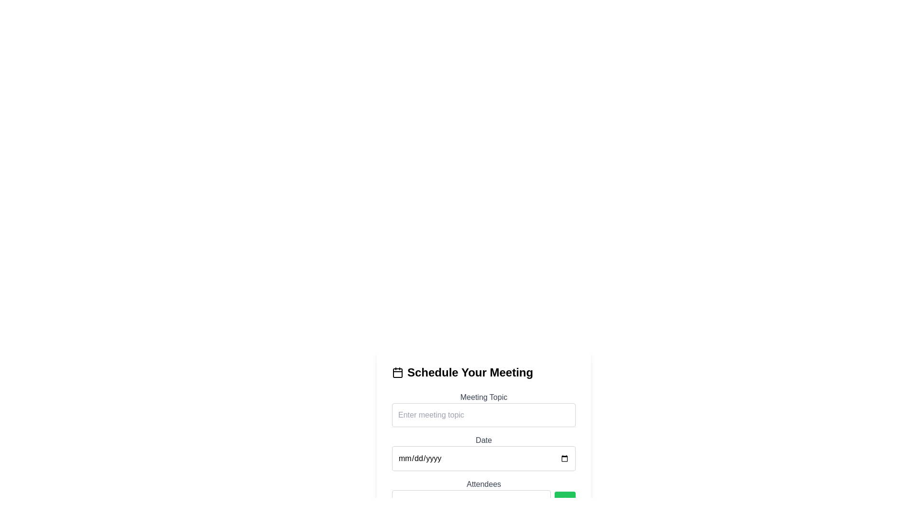 The height and width of the screenshot is (516, 918). I want to click on the submit button located in the 'Schedule Your Meeting' card layout, so click(484, 452).